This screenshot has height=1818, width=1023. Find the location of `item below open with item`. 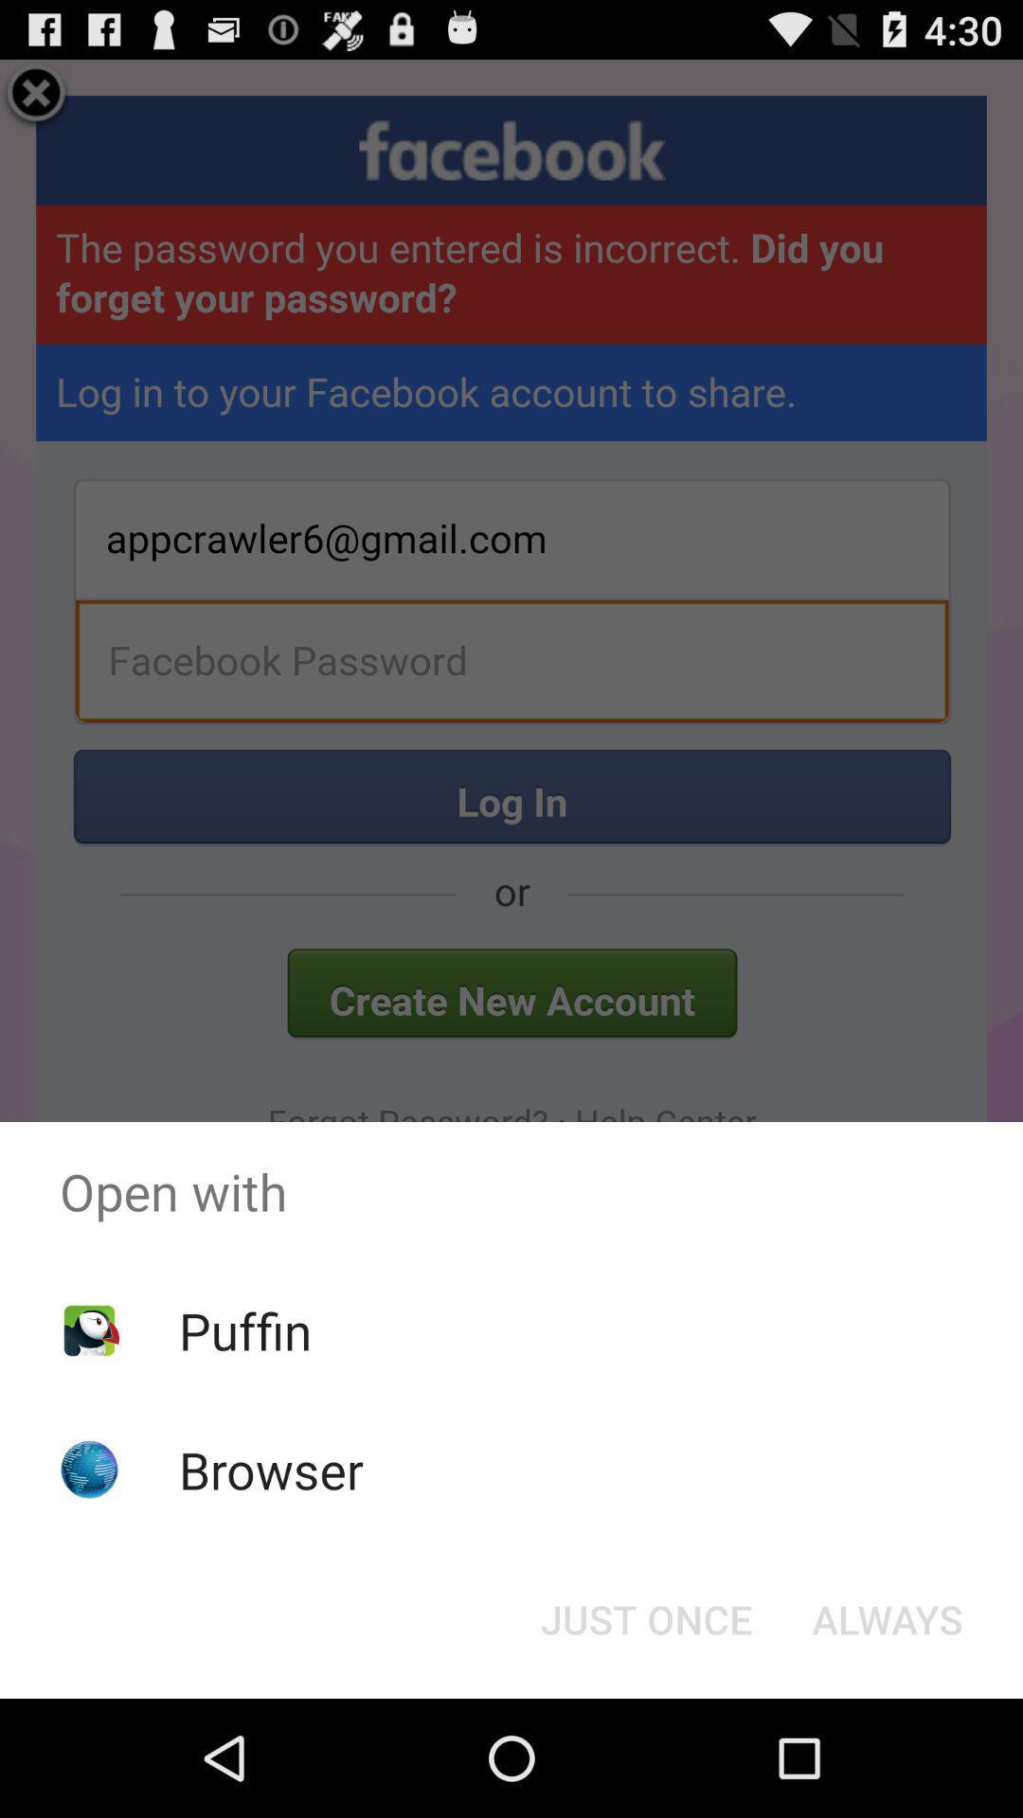

item below open with item is located at coordinates (645, 1617).